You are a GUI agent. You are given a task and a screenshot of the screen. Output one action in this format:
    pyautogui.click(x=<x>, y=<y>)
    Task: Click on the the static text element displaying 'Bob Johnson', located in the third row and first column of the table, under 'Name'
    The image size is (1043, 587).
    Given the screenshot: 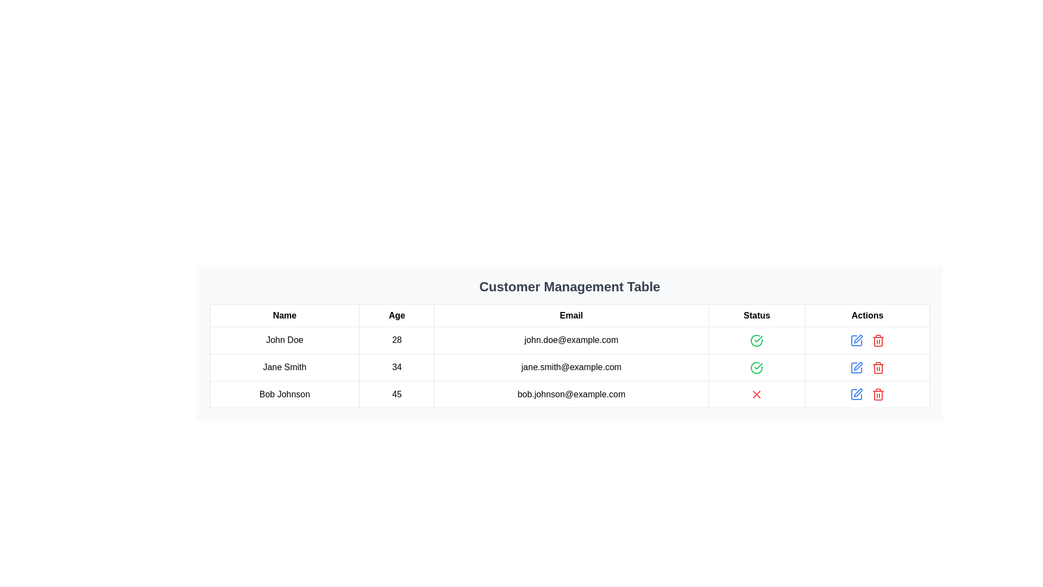 What is the action you would take?
    pyautogui.click(x=285, y=394)
    